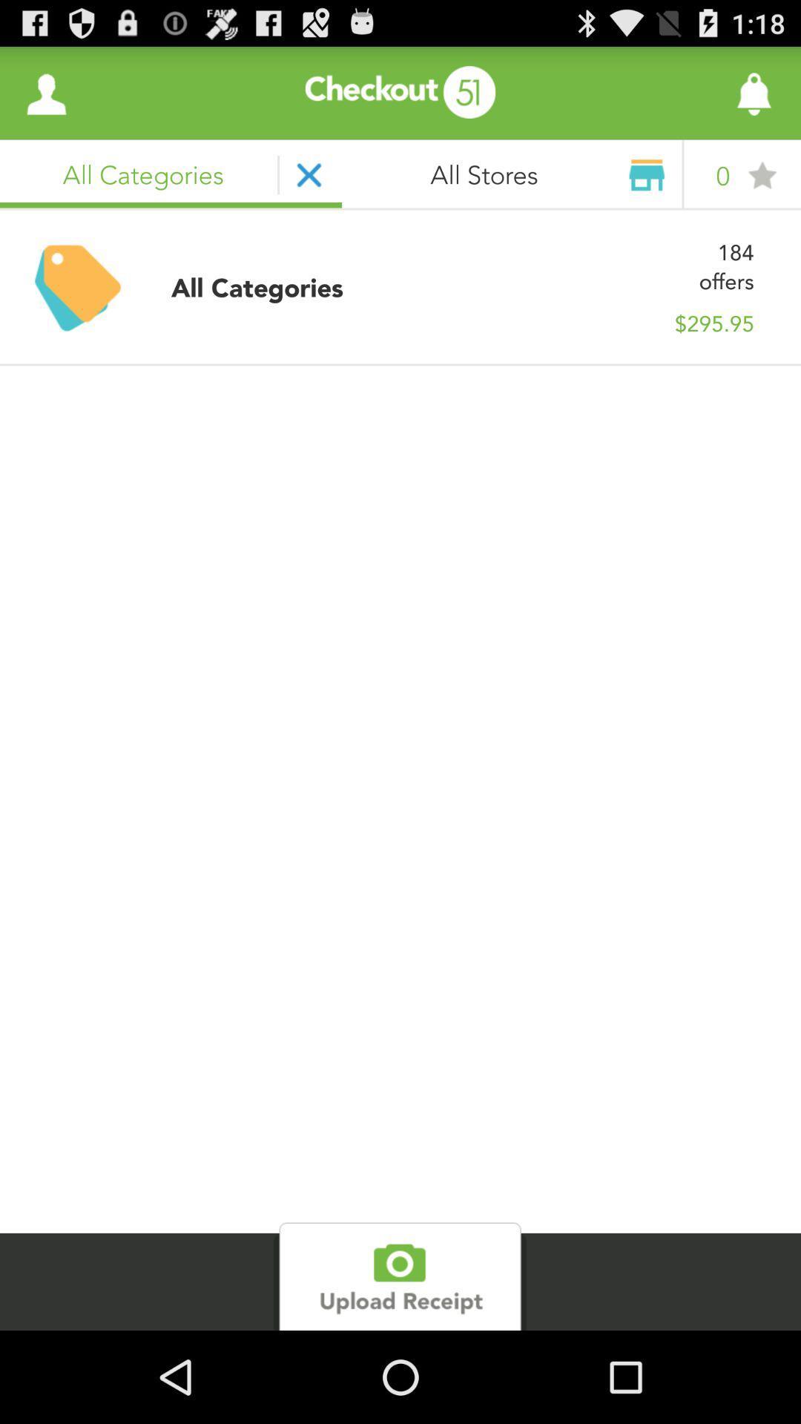 The width and height of the screenshot is (801, 1424). I want to click on the icon to the right of all stores item, so click(712, 92).